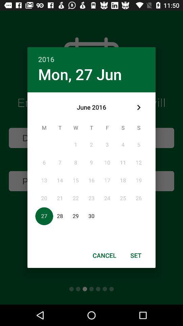 The image size is (183, 326). Describe the element at coordinates (138, 107) in the screenshot. I see `icon at the top right corner` at that location.